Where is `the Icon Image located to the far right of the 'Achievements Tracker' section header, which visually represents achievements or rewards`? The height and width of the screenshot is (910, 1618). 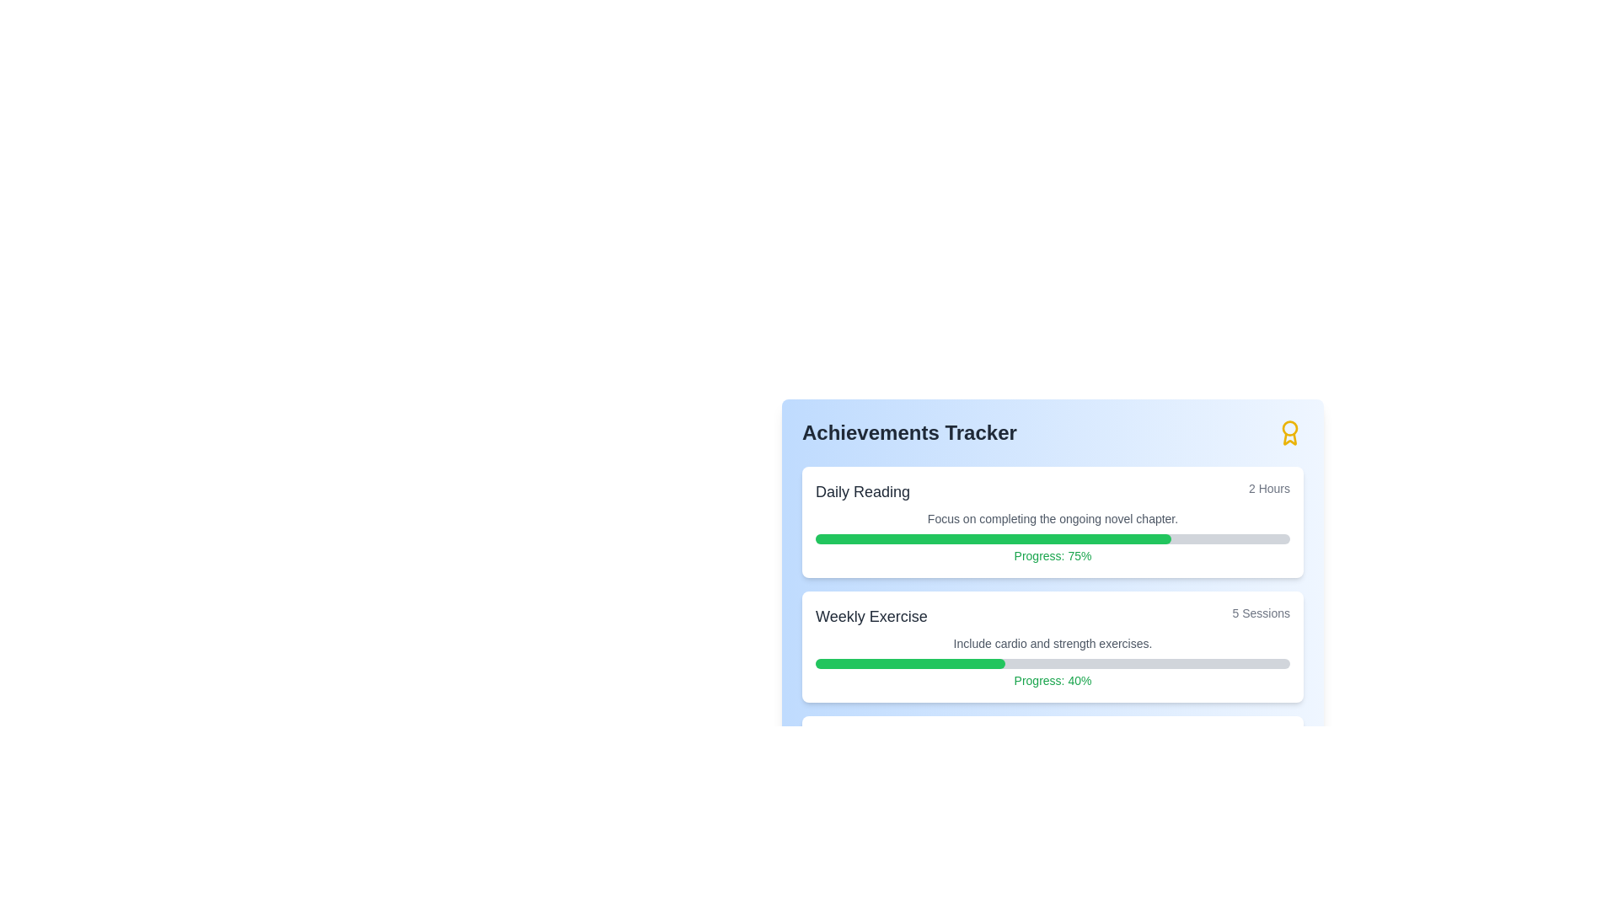 the Icon Image located to the far right of the 'Achievements Tracker' section header, which visually represents achievements or rewards is located at coordinates (1289, 431).